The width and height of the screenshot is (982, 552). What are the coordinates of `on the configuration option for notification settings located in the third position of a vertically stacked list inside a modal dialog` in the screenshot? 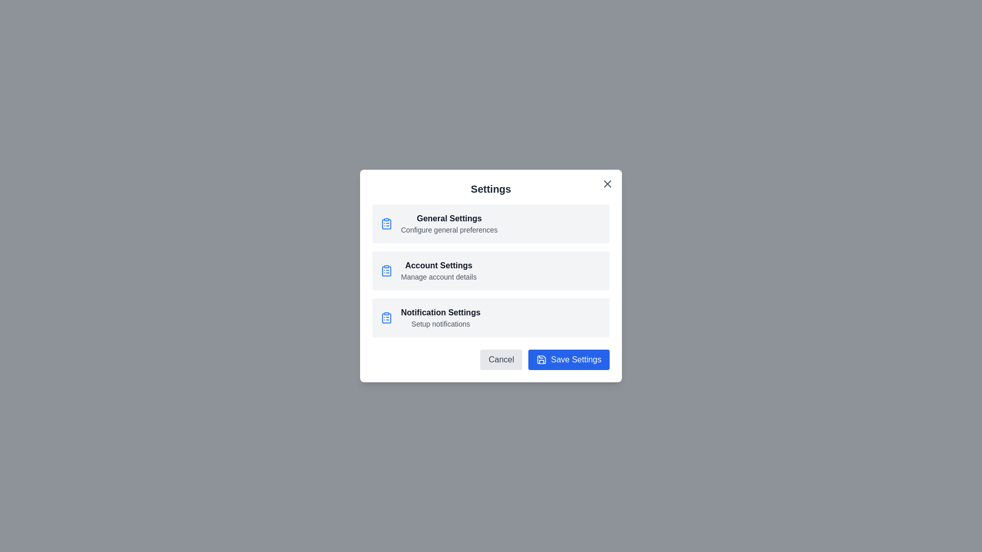 It's located at (491, 317).